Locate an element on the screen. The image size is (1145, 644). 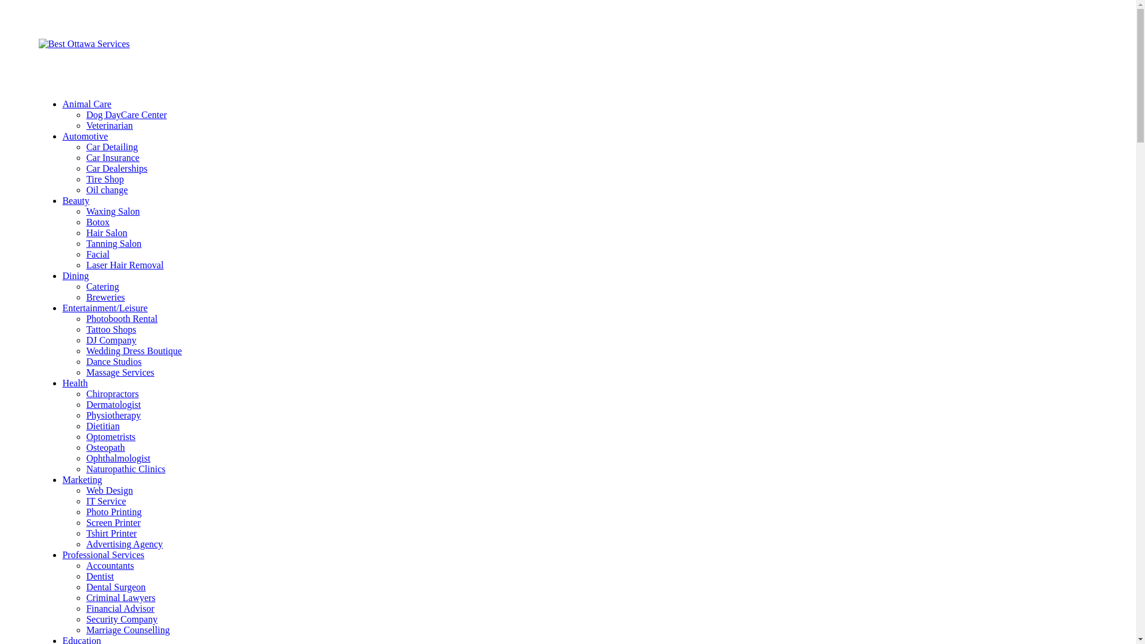
'Chiropractors' is located at coordinates (112, 394).